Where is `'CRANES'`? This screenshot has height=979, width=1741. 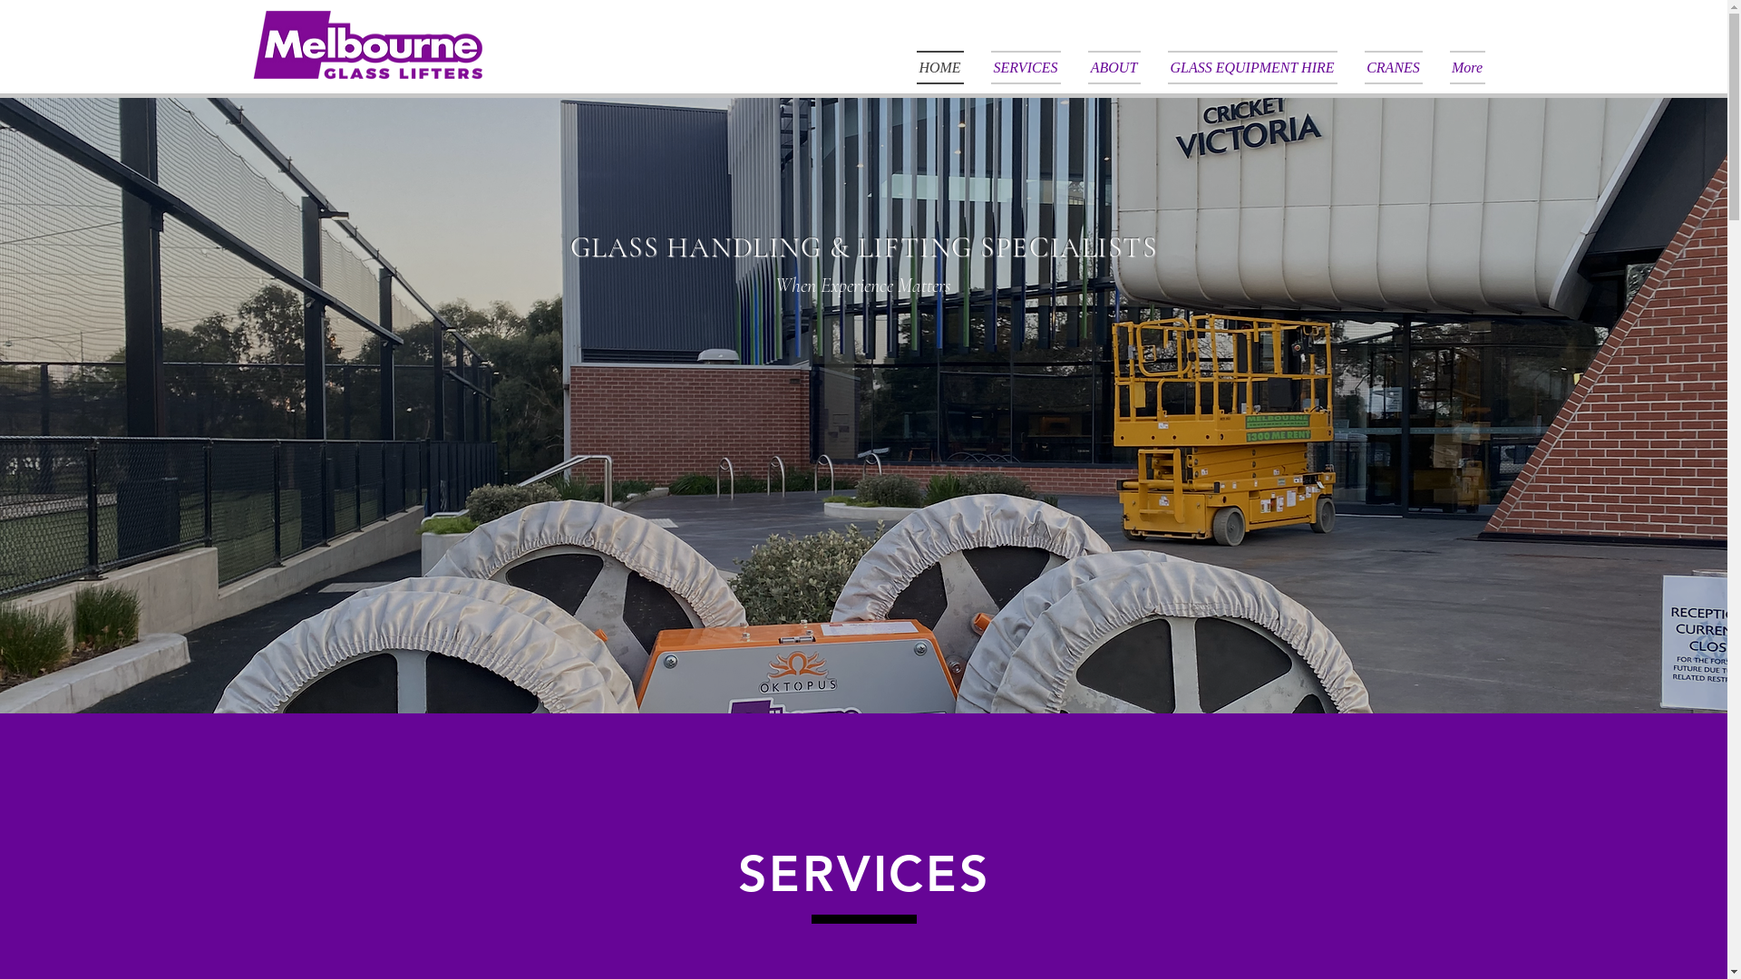 'CRANES' is located at coordinates (1392, 66).